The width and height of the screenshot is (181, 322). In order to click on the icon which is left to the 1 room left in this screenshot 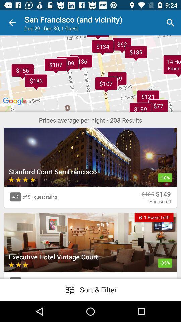, I will do `click(140, 217)`.